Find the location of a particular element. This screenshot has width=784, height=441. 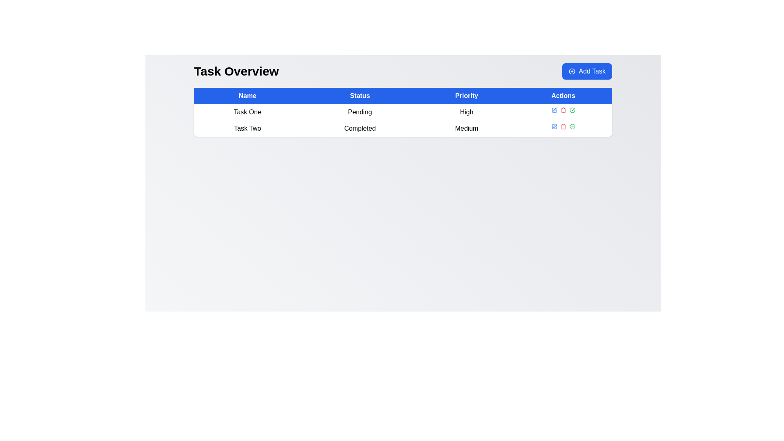

the blue circle icon with a plus symbol located to the left of the 'Add Task' text is located at coordinates (572, 71).